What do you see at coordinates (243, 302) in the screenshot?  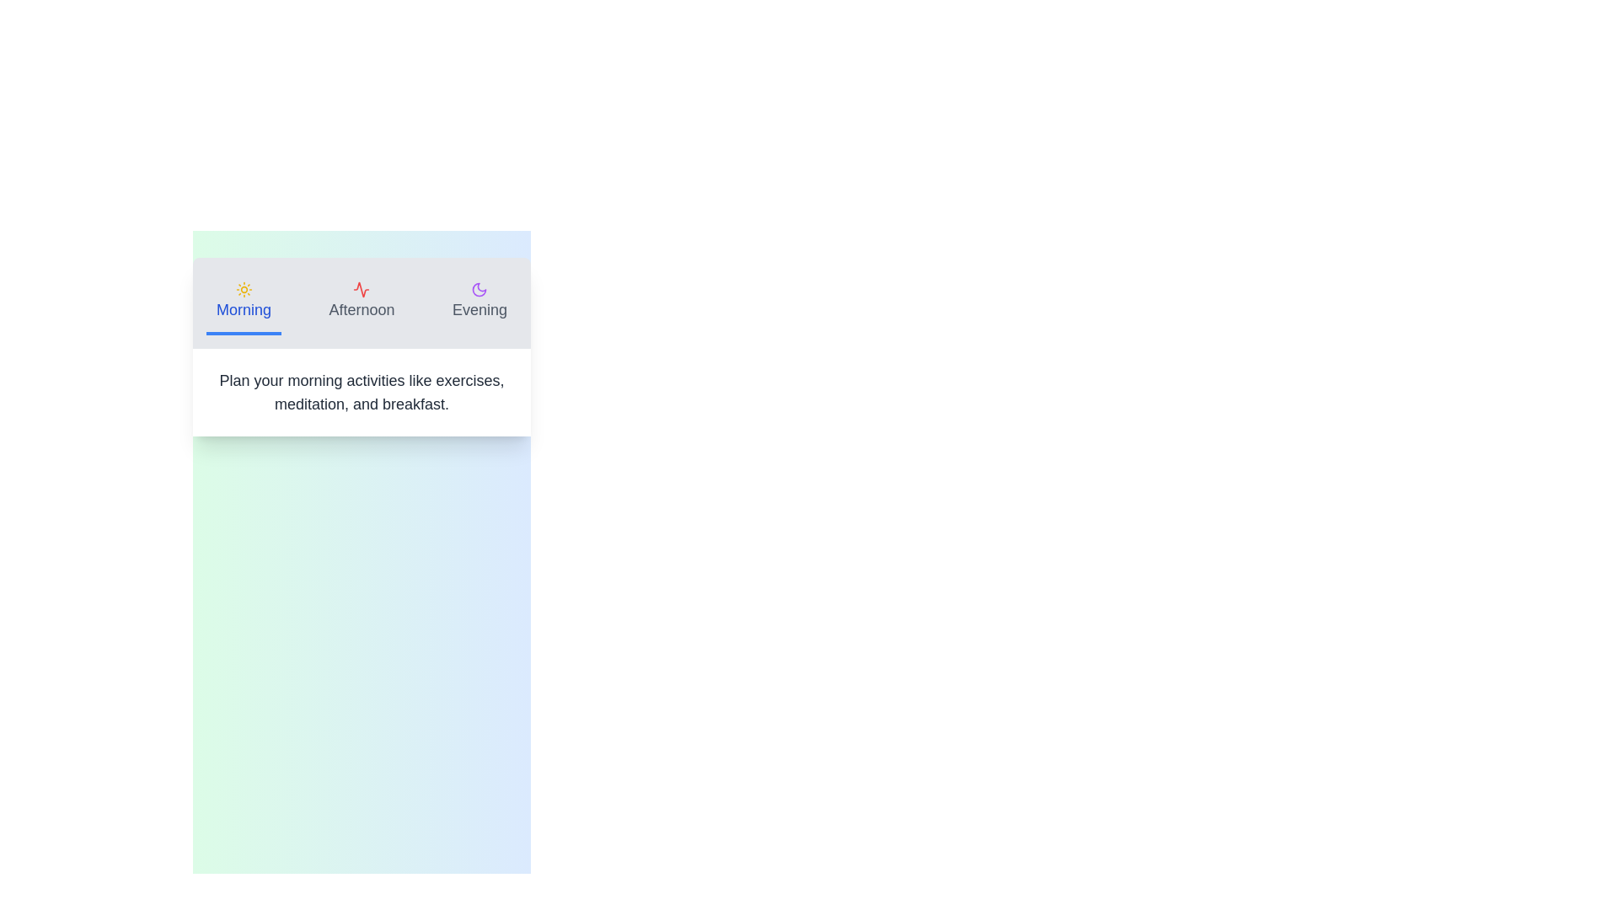 I see `the Morning tab by clicking on its button` at bounding box center [243, 302].